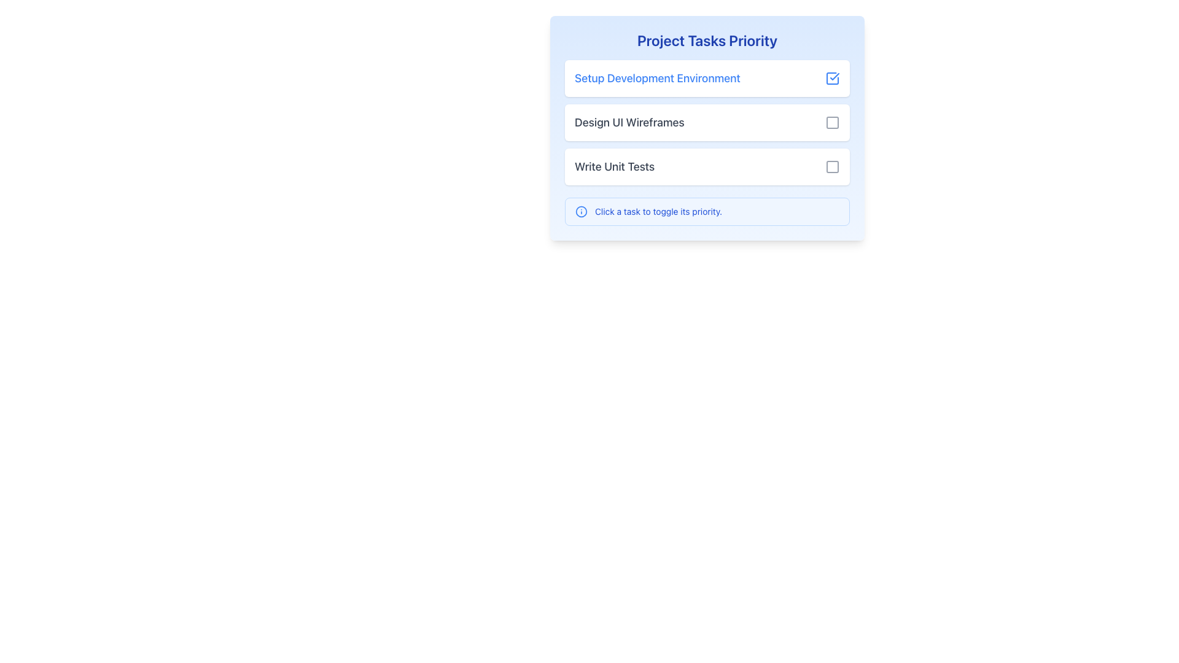  I want to click on the informational label that says 'Click a task to toggle its priority.', which is styled with small blue text and located below two checkboxes in the informational box, so click(658, 211).